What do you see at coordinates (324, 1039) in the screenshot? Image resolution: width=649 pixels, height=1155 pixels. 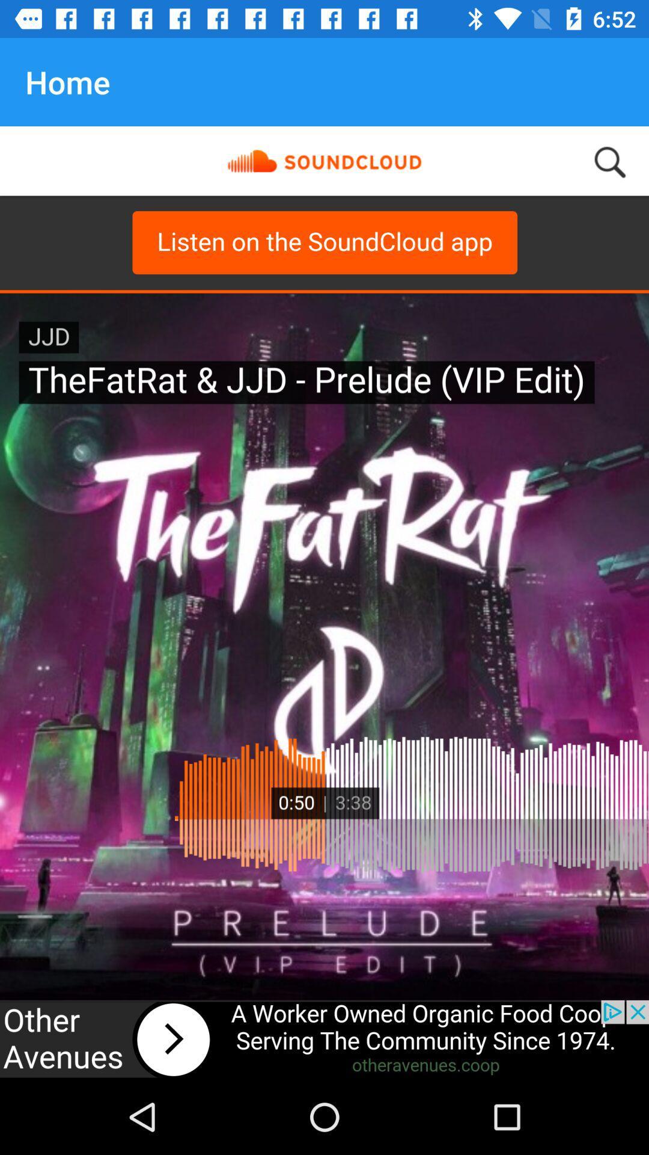 I see `the song` at bounding box center [324, 1039].